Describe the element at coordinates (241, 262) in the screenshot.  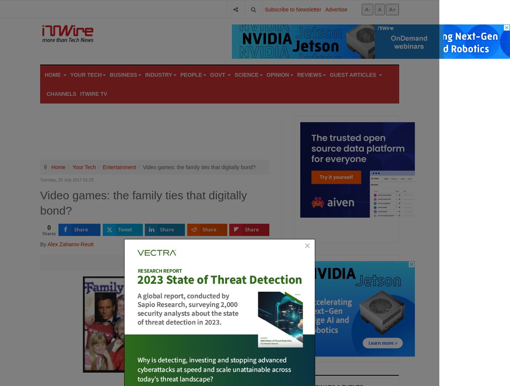
I see `'DISQUS_COMMENTS'` at that location.